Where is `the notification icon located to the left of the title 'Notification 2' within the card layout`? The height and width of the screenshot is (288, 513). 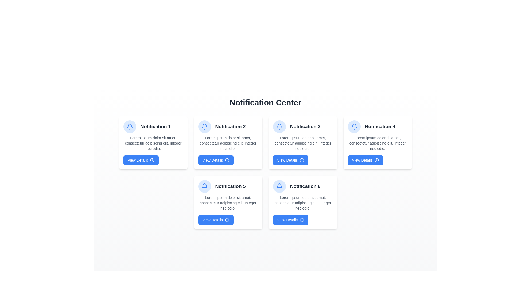 the notification icon located to the left of the title 'Notification 2' within the card layout is located at coordinates (204, 126).